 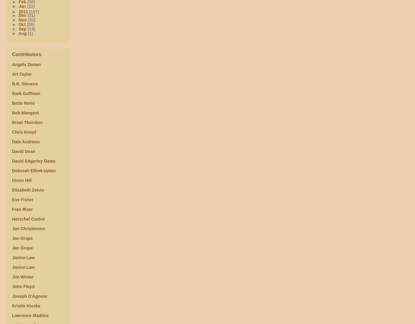 What do you see at coordinates (11, 219) in the screenshot?
I see `'Herschel Cozine'` at bounding box center [11, 219].